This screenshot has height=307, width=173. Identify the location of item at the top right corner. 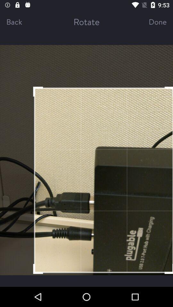
(152, 21).